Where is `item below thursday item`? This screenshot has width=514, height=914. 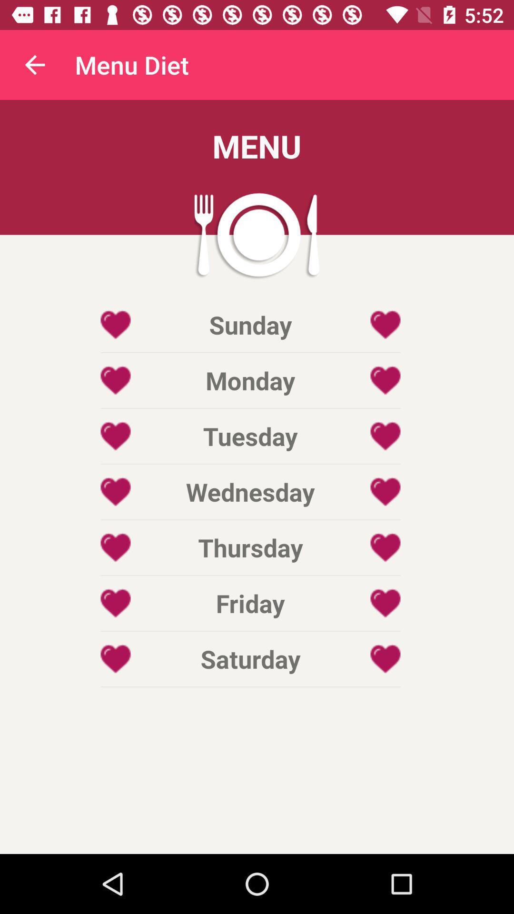 item below thursday item is located at coordinates (250, 603).